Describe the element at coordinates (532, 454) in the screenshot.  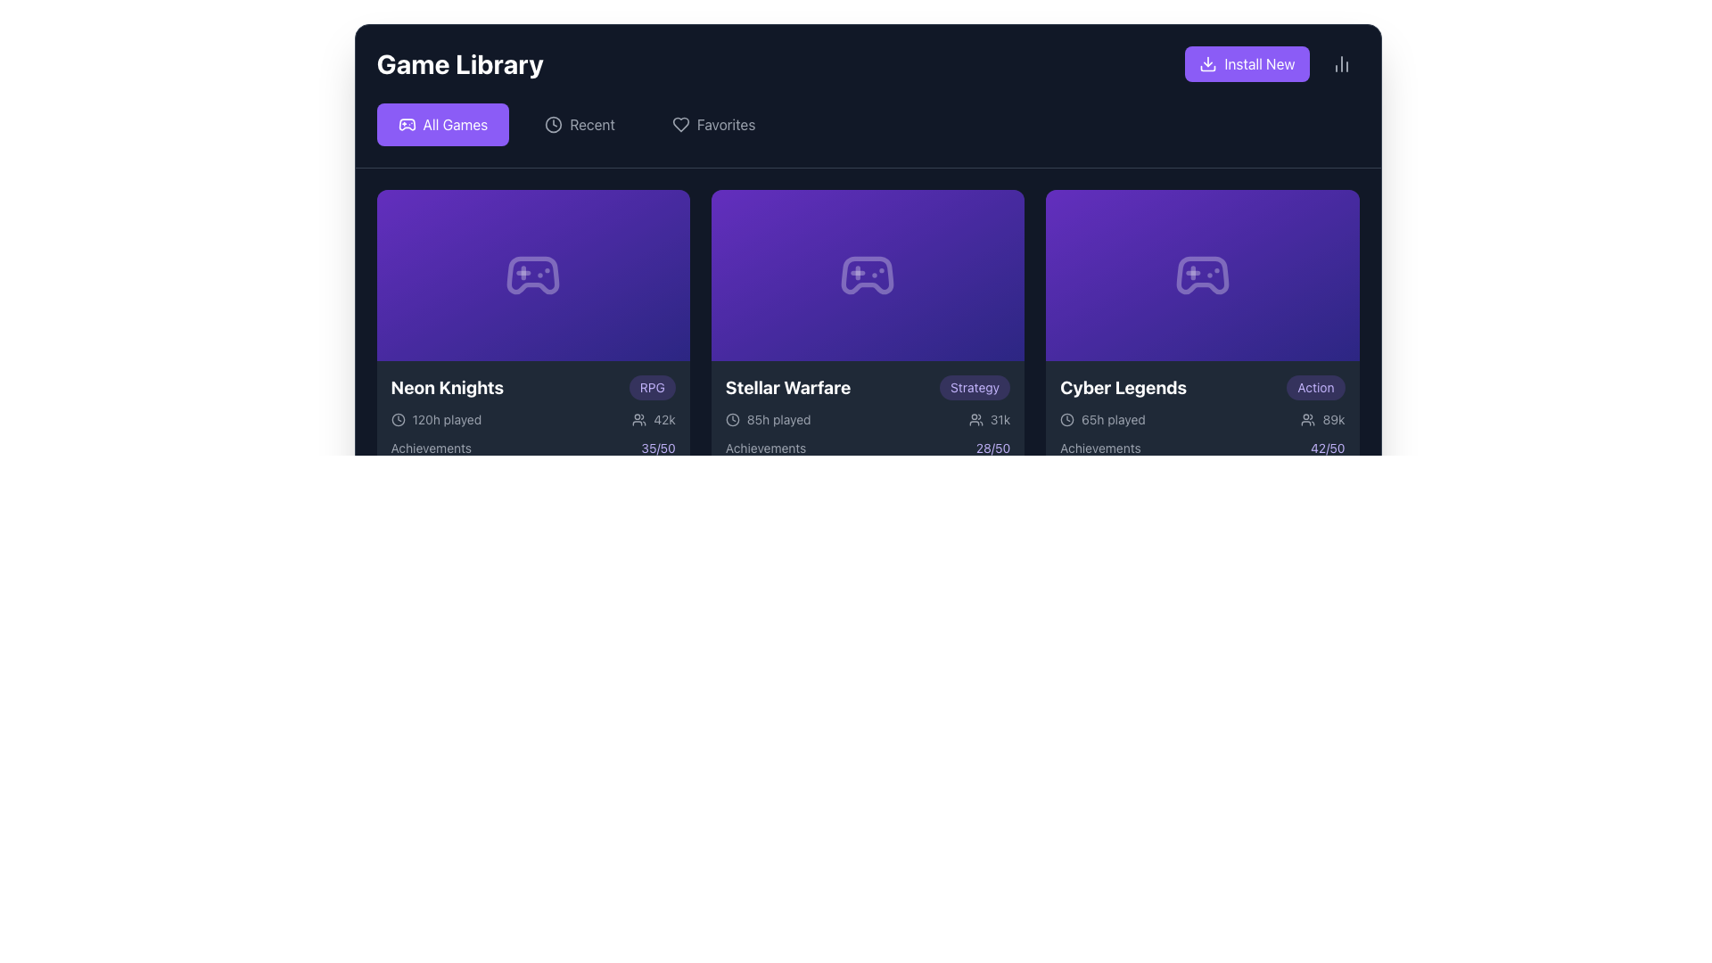
I see `the Progress bar with labels in the 'Neon Knights' game panel` at that location.